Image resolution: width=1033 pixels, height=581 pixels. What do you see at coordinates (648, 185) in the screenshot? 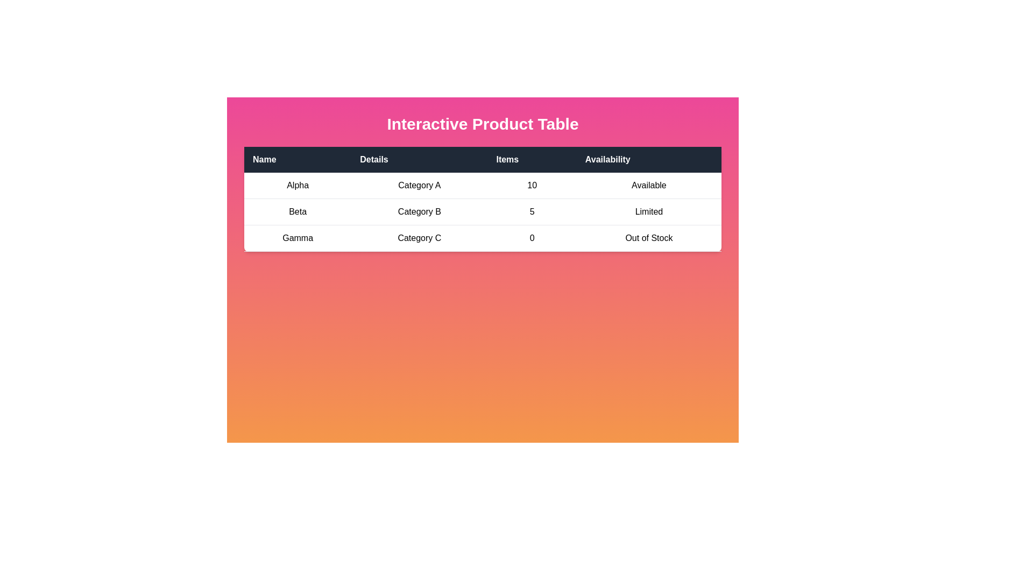
I see `text label 'Available' located under the 'Availability' header in the first content row of the table` at bounding box center [648, 185].